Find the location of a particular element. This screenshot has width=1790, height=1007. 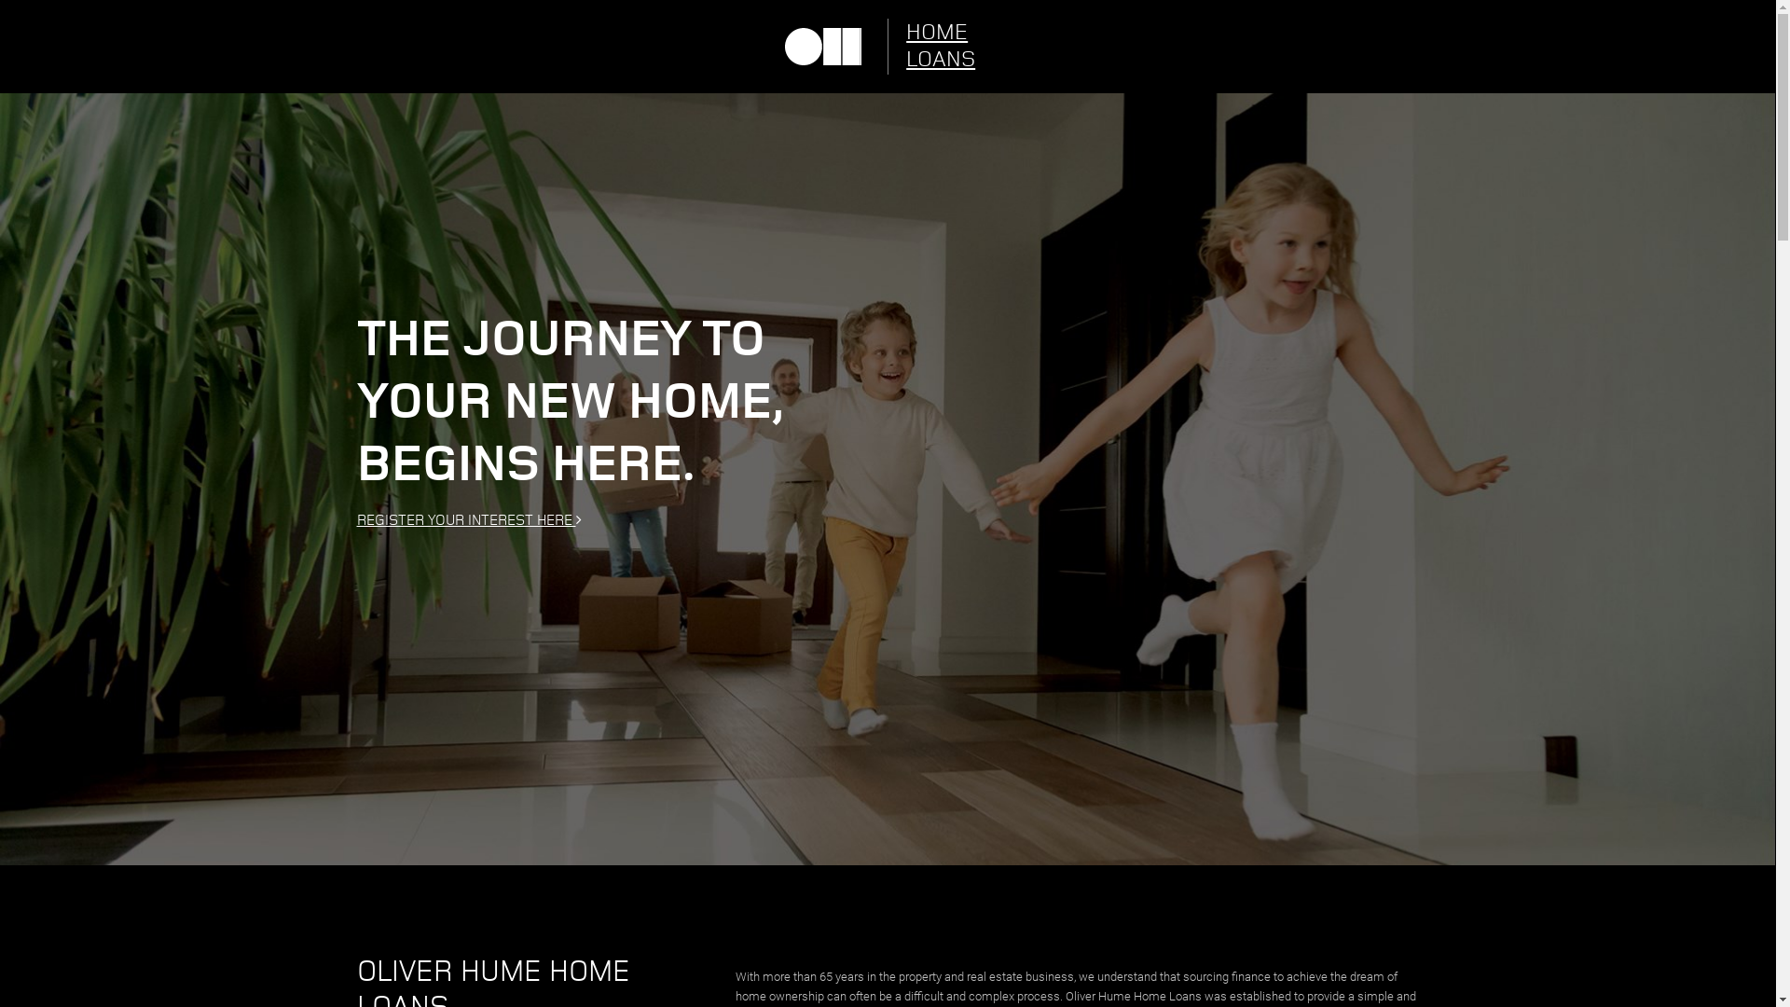

'HOME LOANS' is located at coordinates (953, 46).